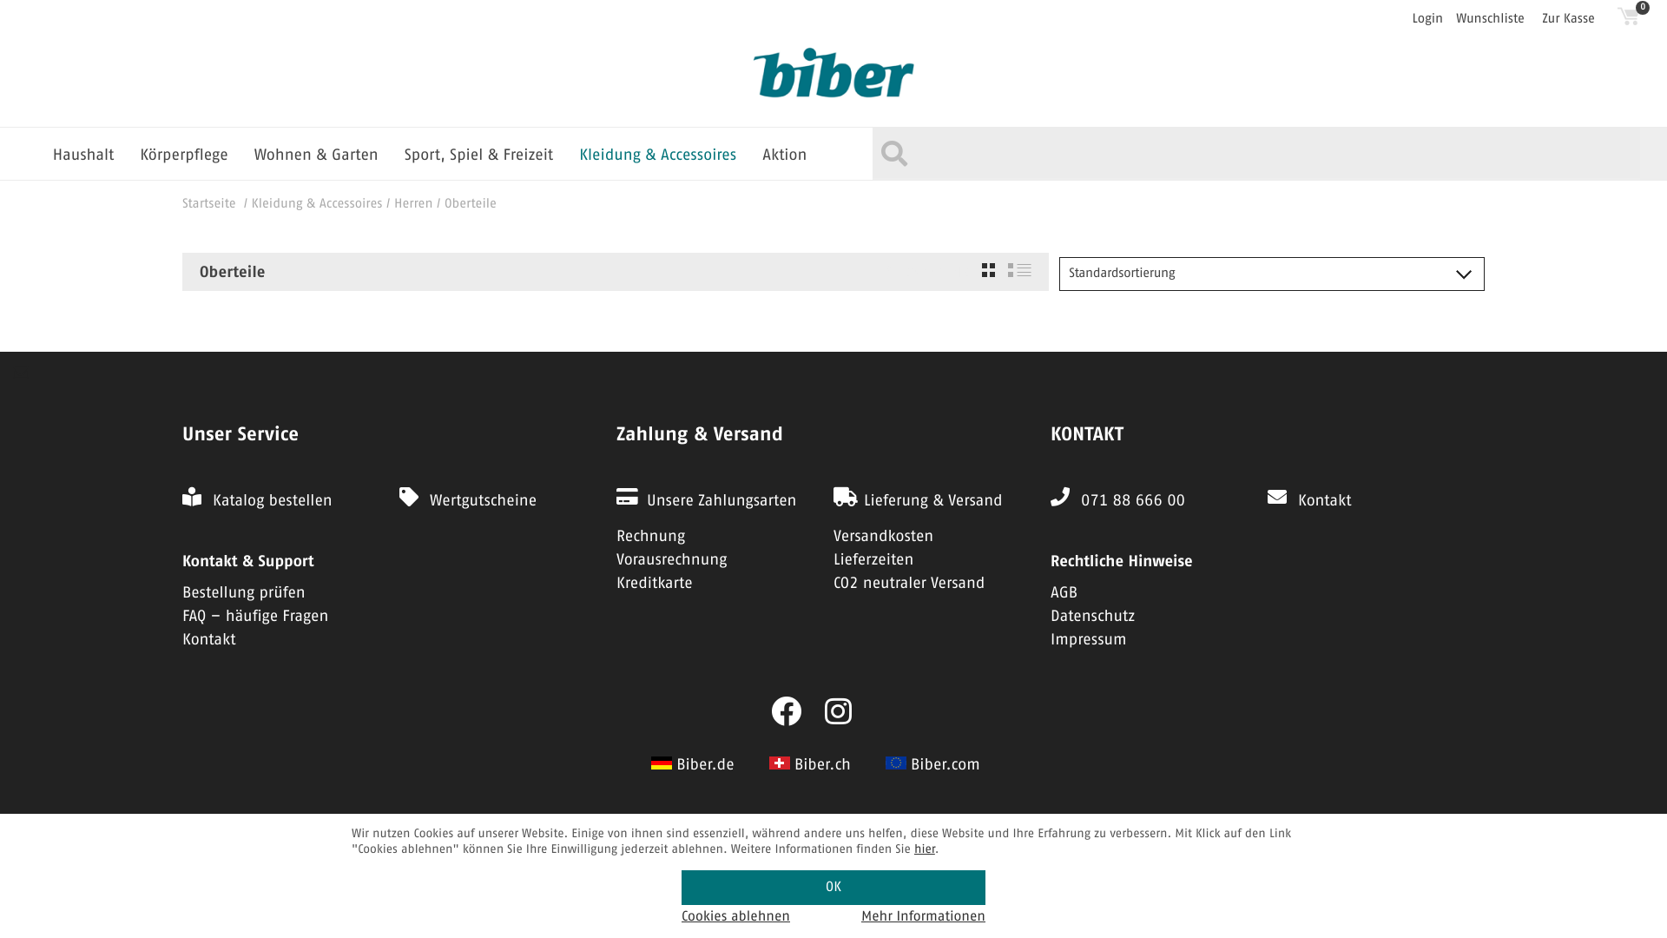  Describe the element at coordinates (833, 888) in the screenshot. I see `'OK'` at that location.